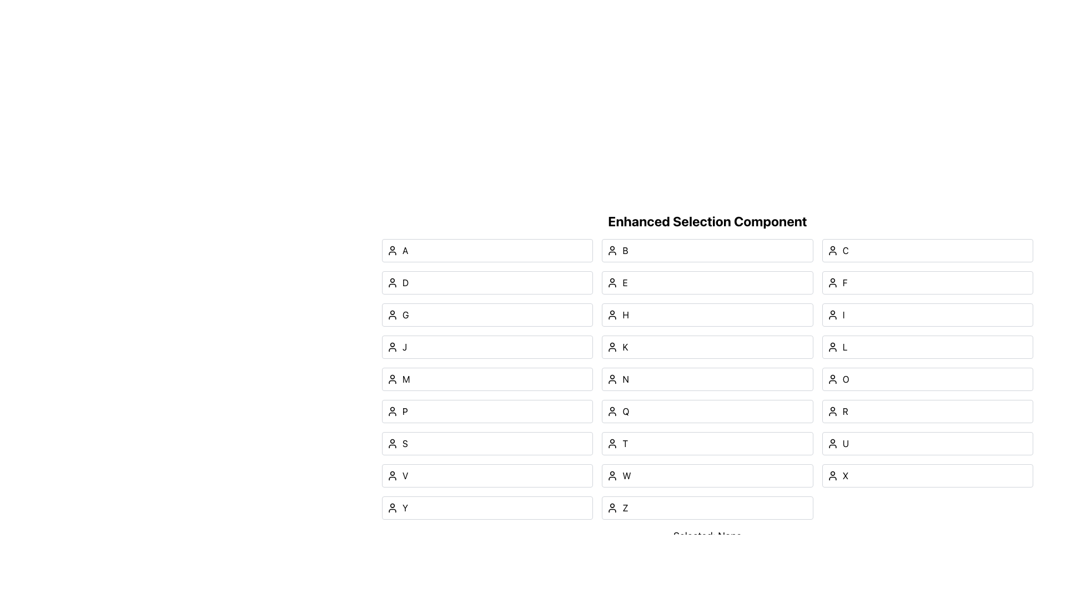 The height and width of the screenshot is (599, 1066). Describe the element at coordinates (832, 378) in the screenshot. I see `the SVG user icon with a simplistic outline, located in the far-right column of the grid under the 'Enhanced Selection Component' header` at that location.